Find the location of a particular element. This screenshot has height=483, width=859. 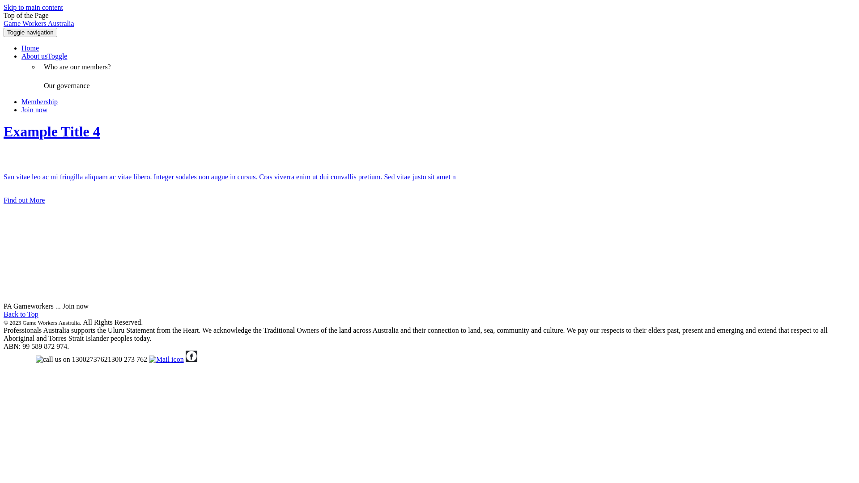

'Back to Top' is located at coordinates (21, 314).